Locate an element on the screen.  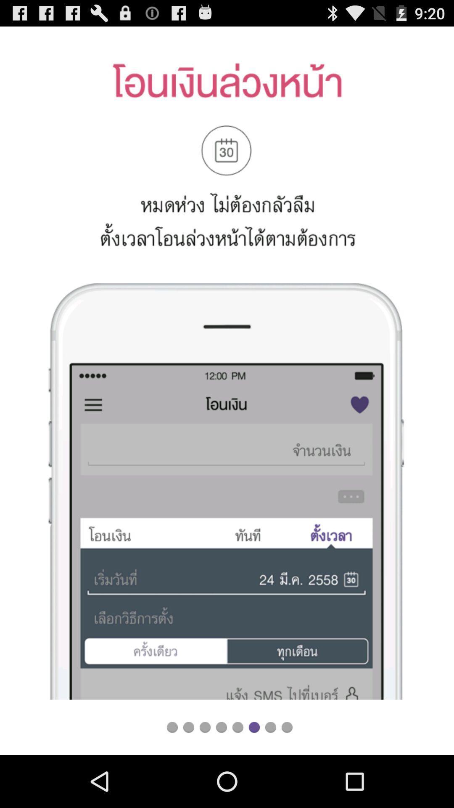
menu button is located at coordinates (221, 727).